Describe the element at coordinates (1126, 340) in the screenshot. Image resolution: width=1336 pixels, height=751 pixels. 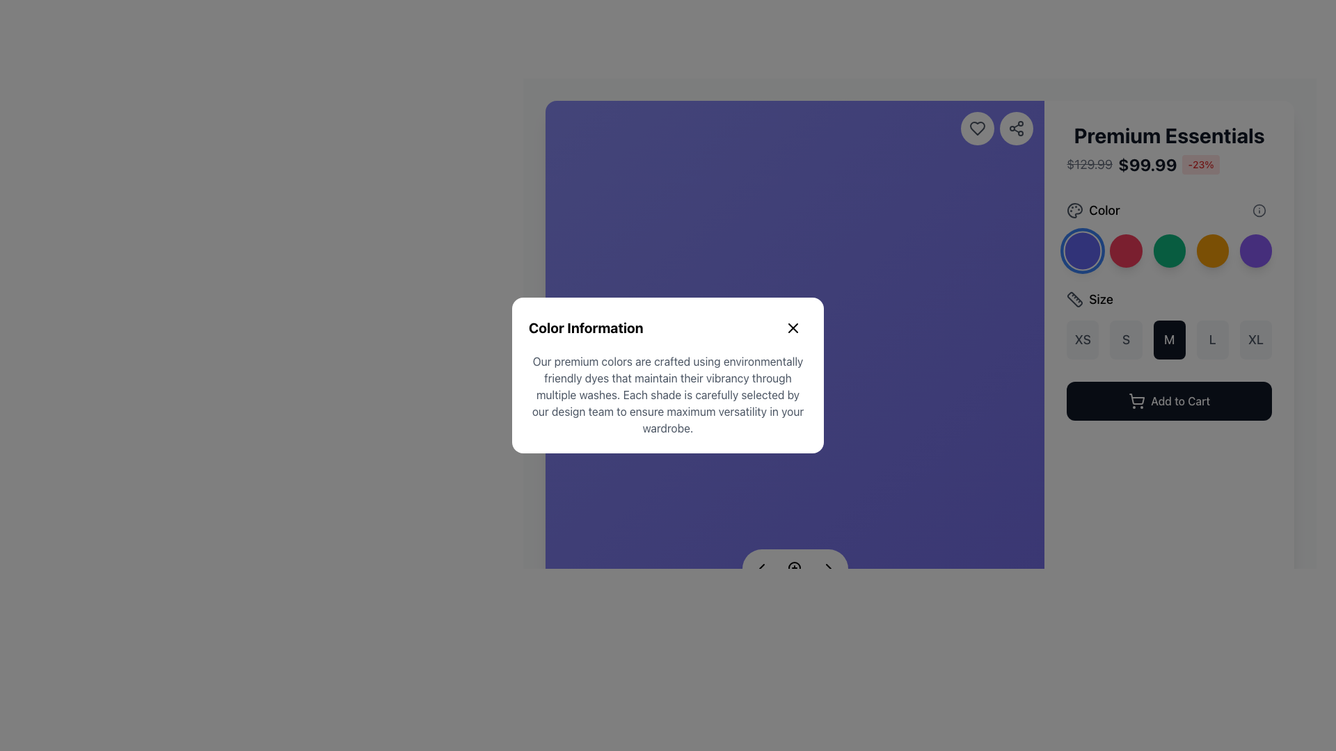
I see `the button labeled 'S', which is the second button in a horizontal row of size selection buttons` at that location.